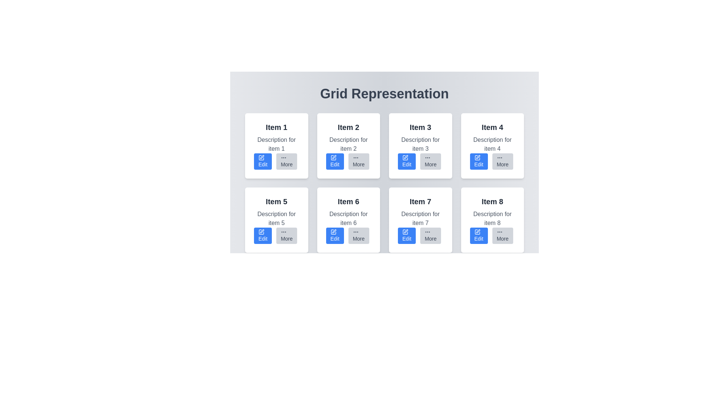 This screenshot has width=714, height=401. What do you see at coordinates (348, 146) in the screenshot?
I see `the Card component displaying information and actions related to 'Item 2', which is located in the second column of the first row of the grid layout` at bounding box center [348, 146].